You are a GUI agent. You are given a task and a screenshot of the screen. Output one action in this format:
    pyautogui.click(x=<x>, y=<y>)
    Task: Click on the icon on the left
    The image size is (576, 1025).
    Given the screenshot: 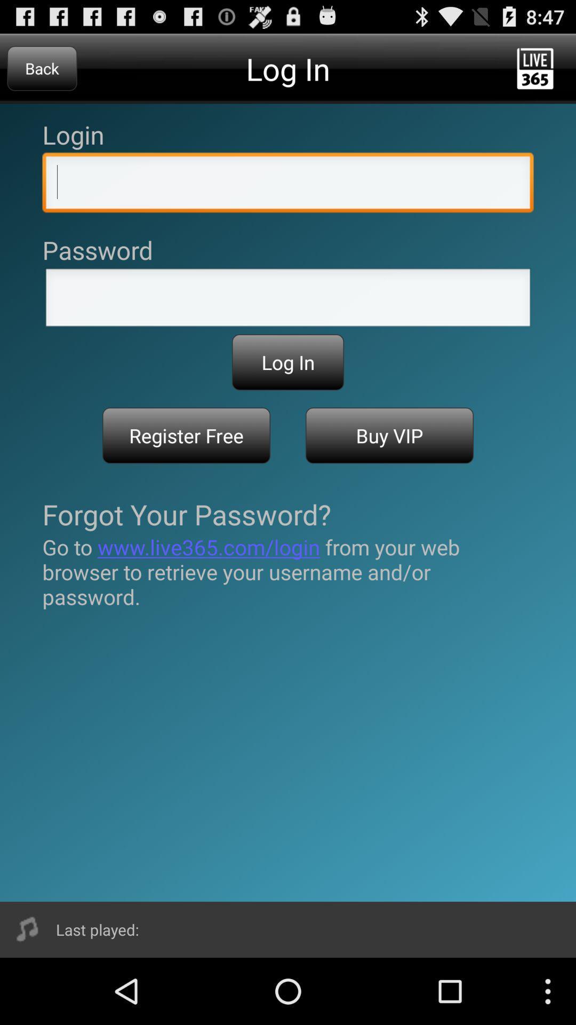 What is the action you would take?
    pyautogui.click(x=186, y=436)
    